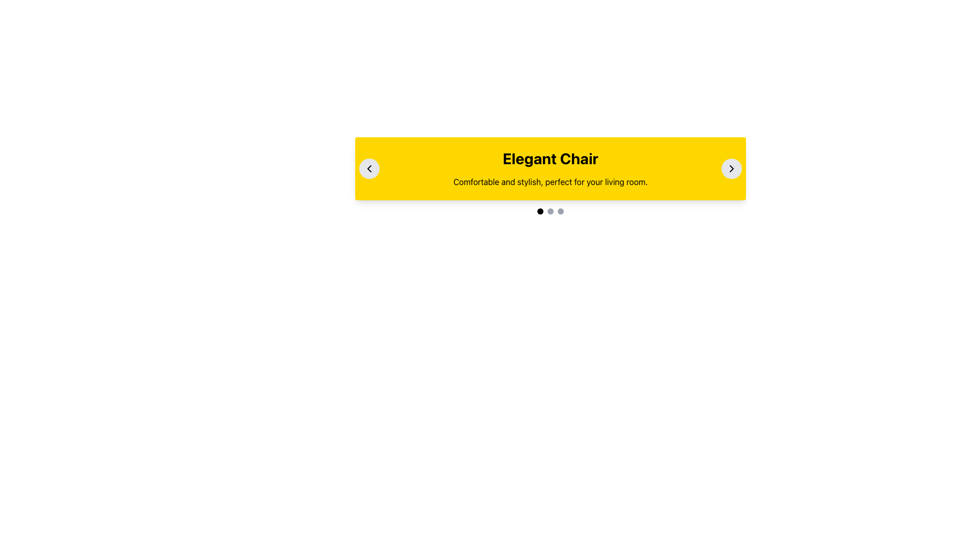  I want to click on the bold, extra-large static text reading 'Elegant Chair' which is styled in black font on a vibrant yellow background, located at the top center of the card, so click(550, 159).